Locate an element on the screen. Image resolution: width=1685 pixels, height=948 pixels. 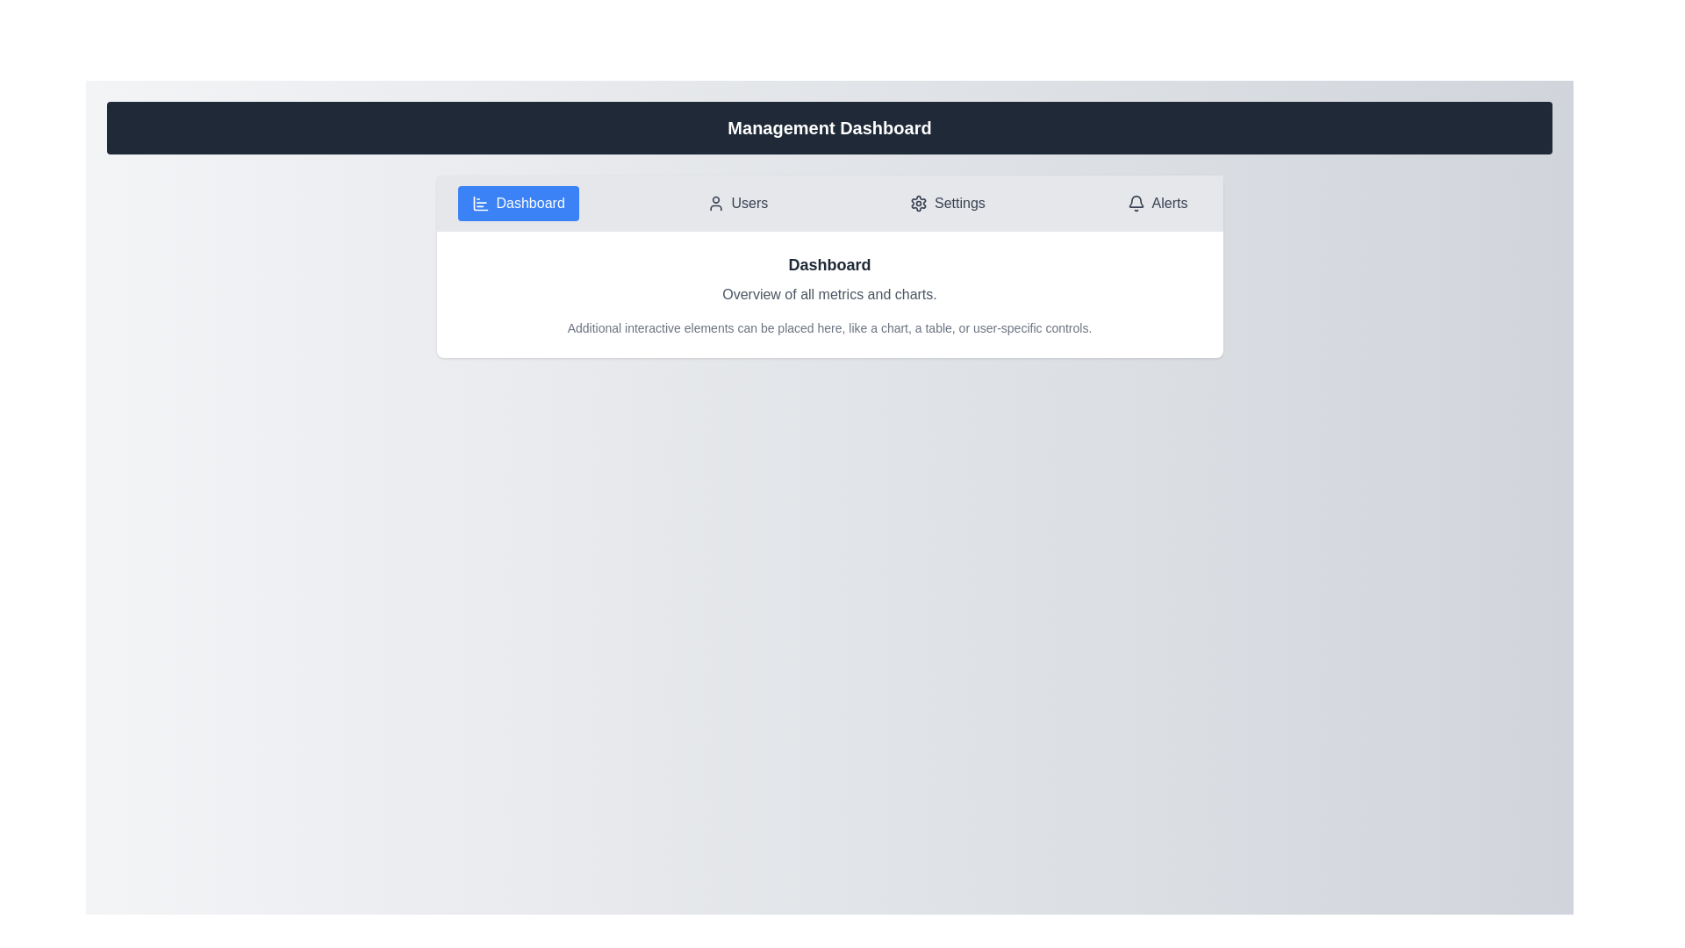
the Settings tab to navigate to its content is located at coordinates (947, 202).